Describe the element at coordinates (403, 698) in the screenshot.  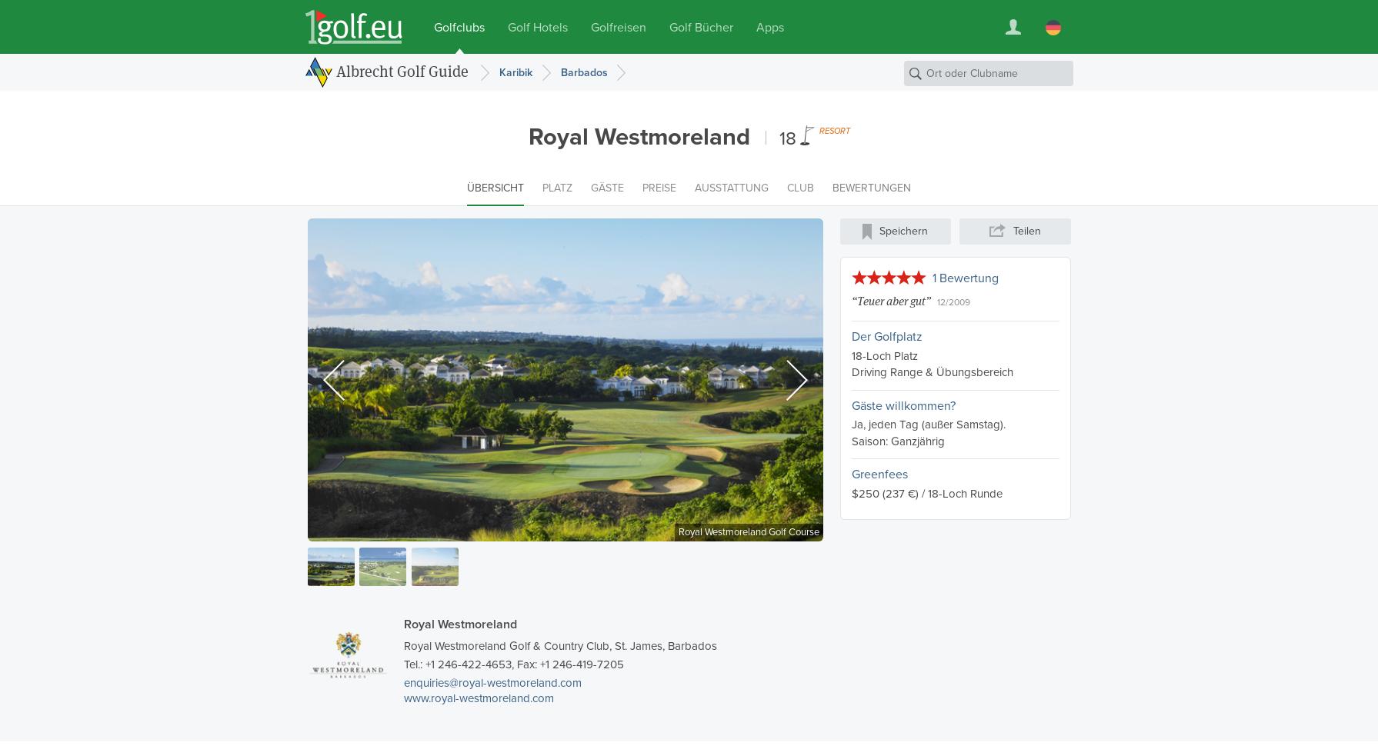
I see `'www.royal-westmoreland.com'` at that location.